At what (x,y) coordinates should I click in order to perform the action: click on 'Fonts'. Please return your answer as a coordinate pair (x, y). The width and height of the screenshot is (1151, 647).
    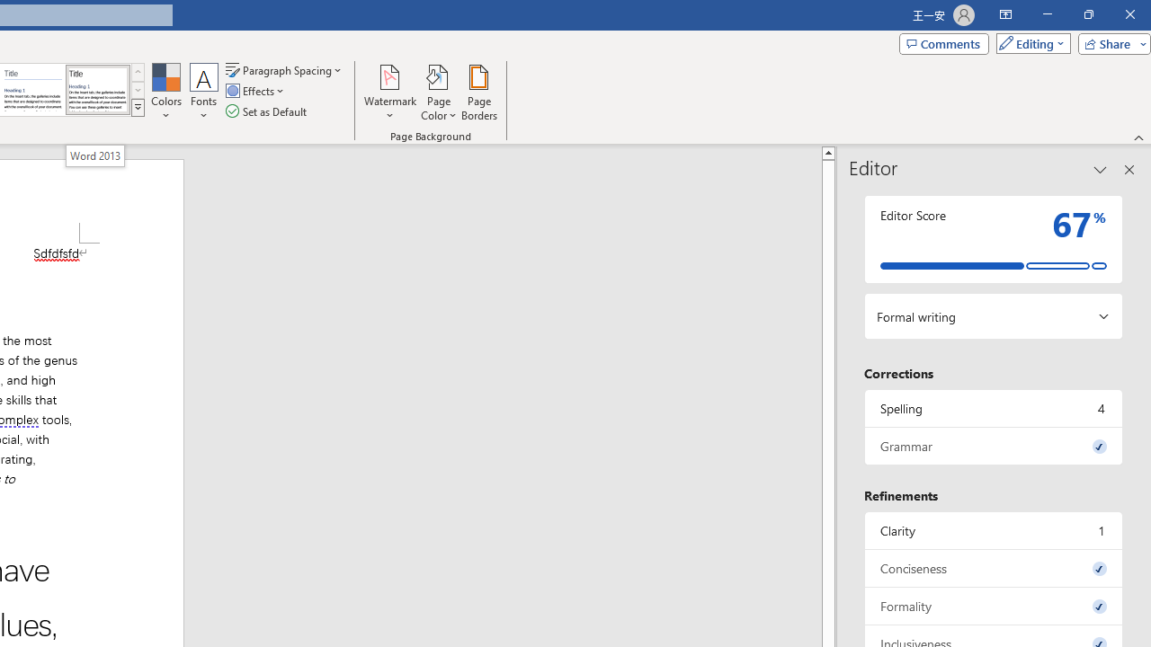
    Looking at the image, I should click on (204, 93).